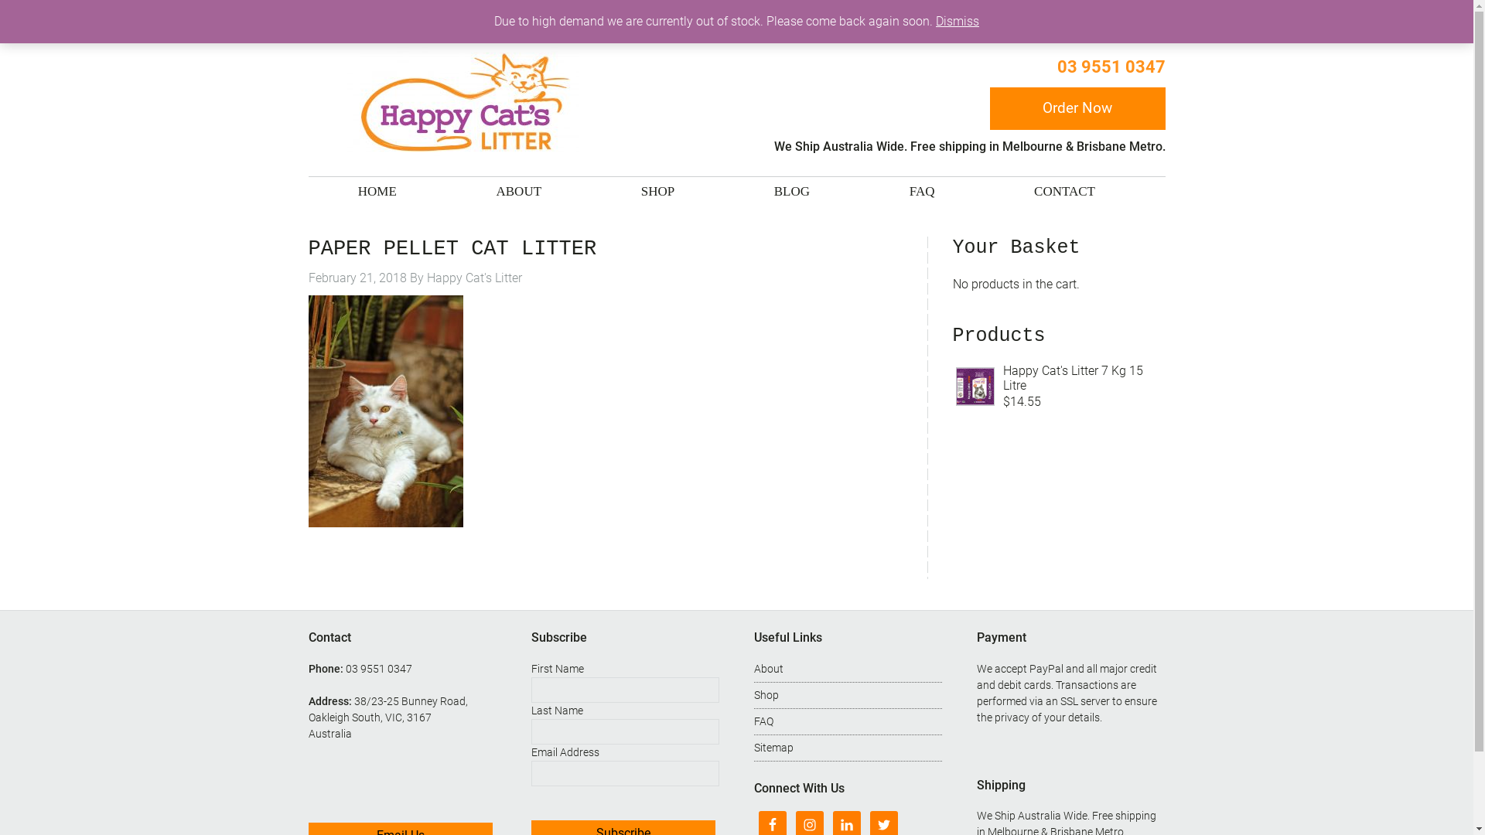 This screenshot has height=835, width=1485. What do you see at coordinates (758, 190) in the screenshot?
I see `'BLOG'` at bounding box center [758, 190].